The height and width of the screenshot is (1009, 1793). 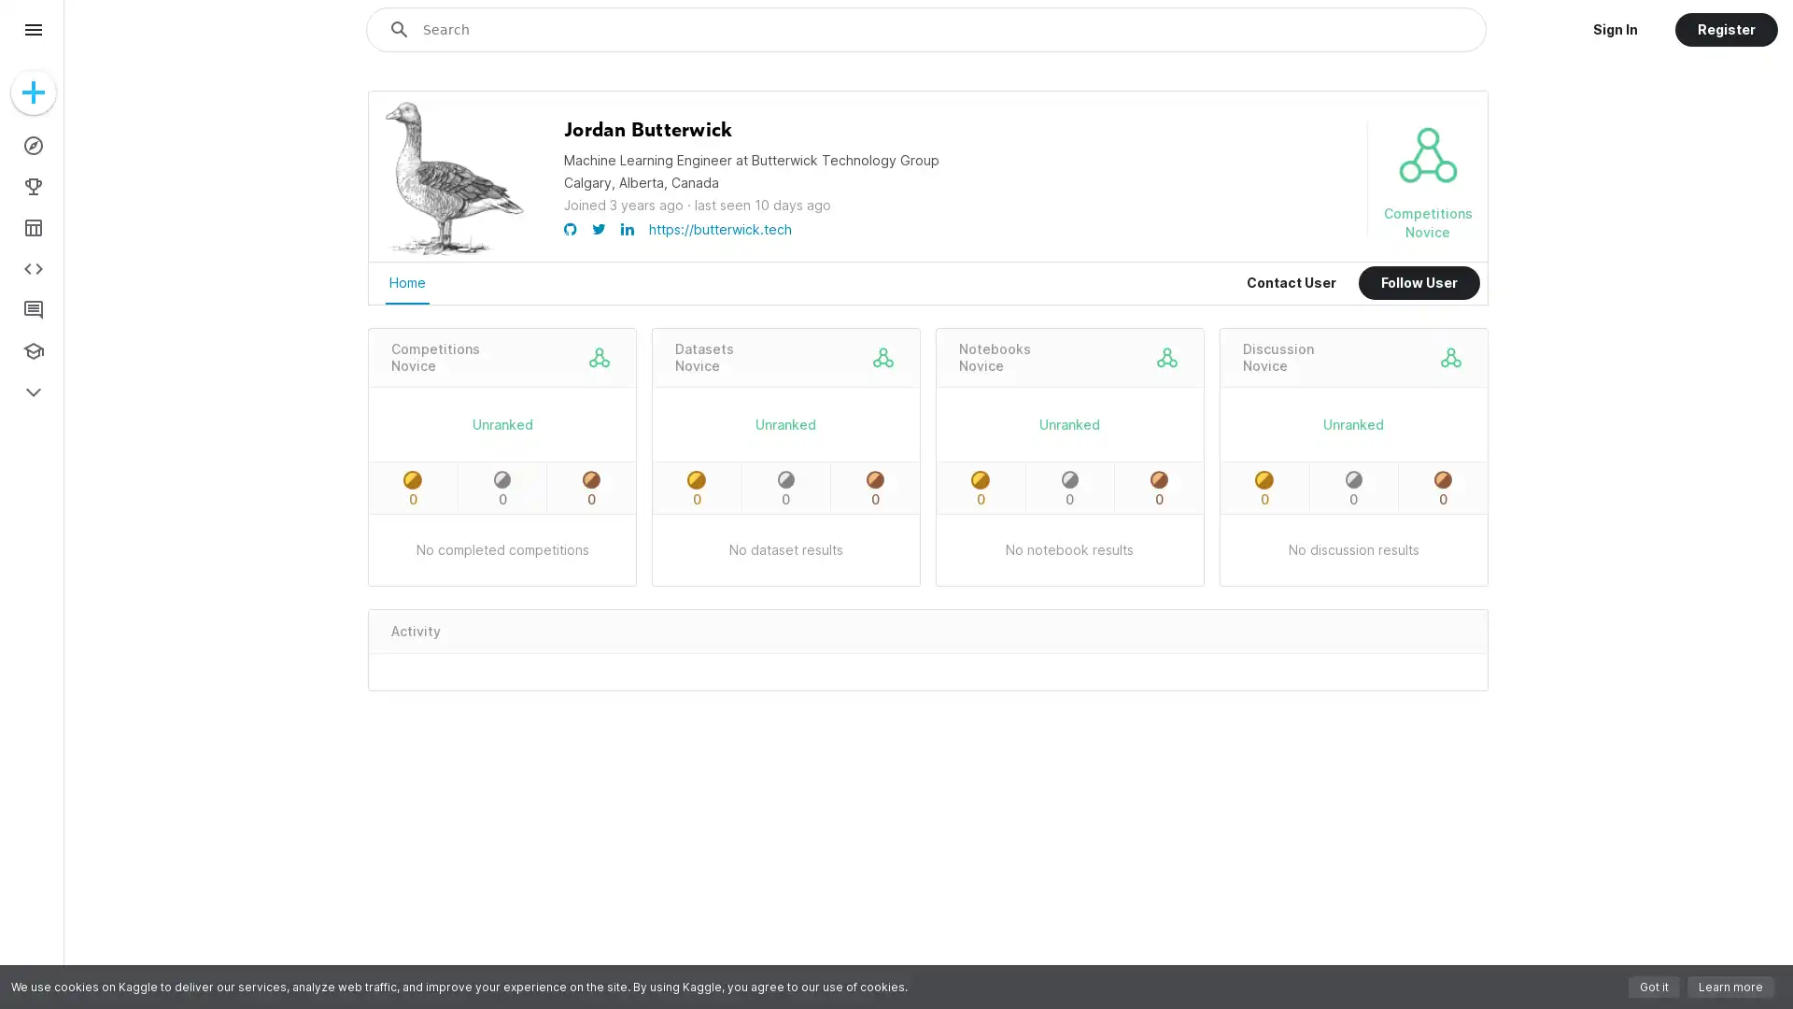 What do you see at coordinates (1725, 29) in the screenshot?
I see `Register` at bounding box center [1725, 29].